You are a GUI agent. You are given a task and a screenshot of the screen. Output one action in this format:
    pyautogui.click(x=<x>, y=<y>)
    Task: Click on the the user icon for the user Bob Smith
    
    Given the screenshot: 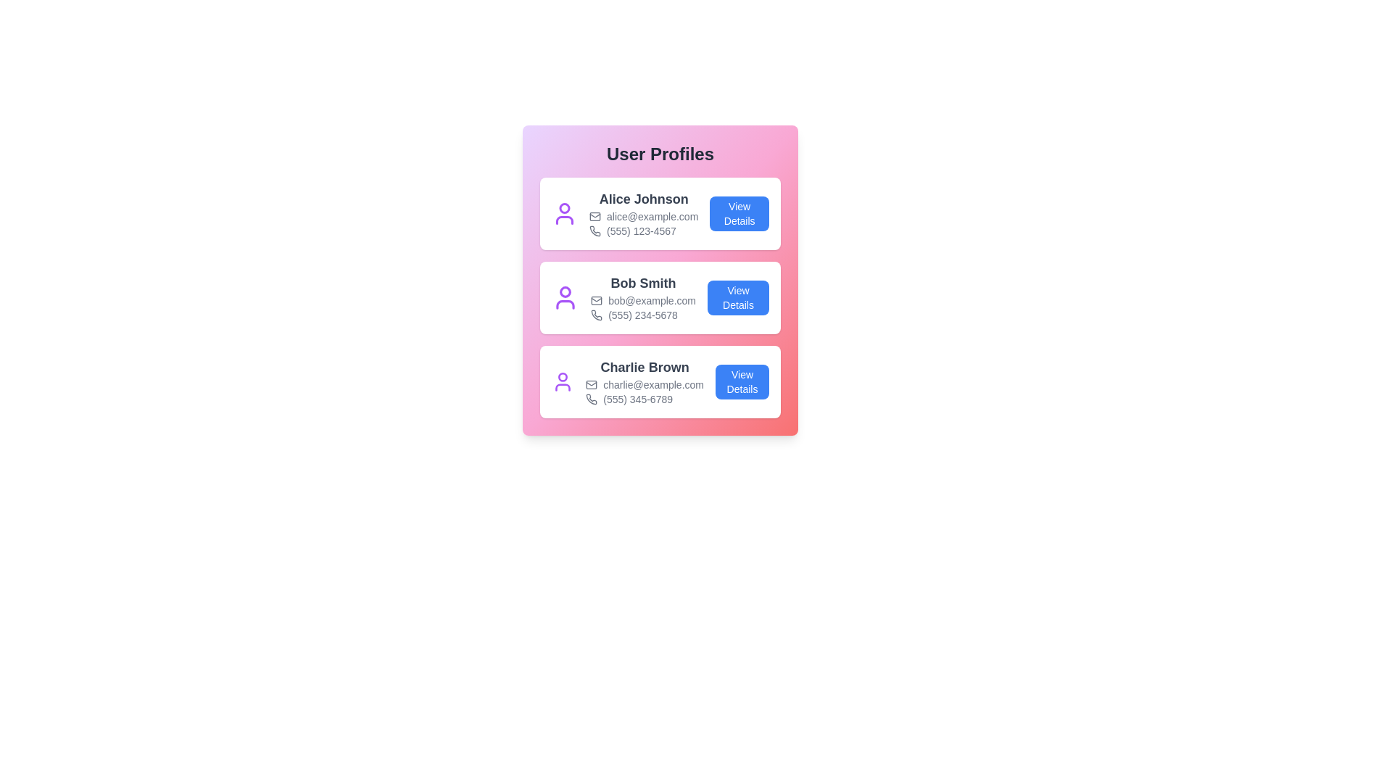 What is the action you would take?
    pyautogui.click(x=564, y=297)
    